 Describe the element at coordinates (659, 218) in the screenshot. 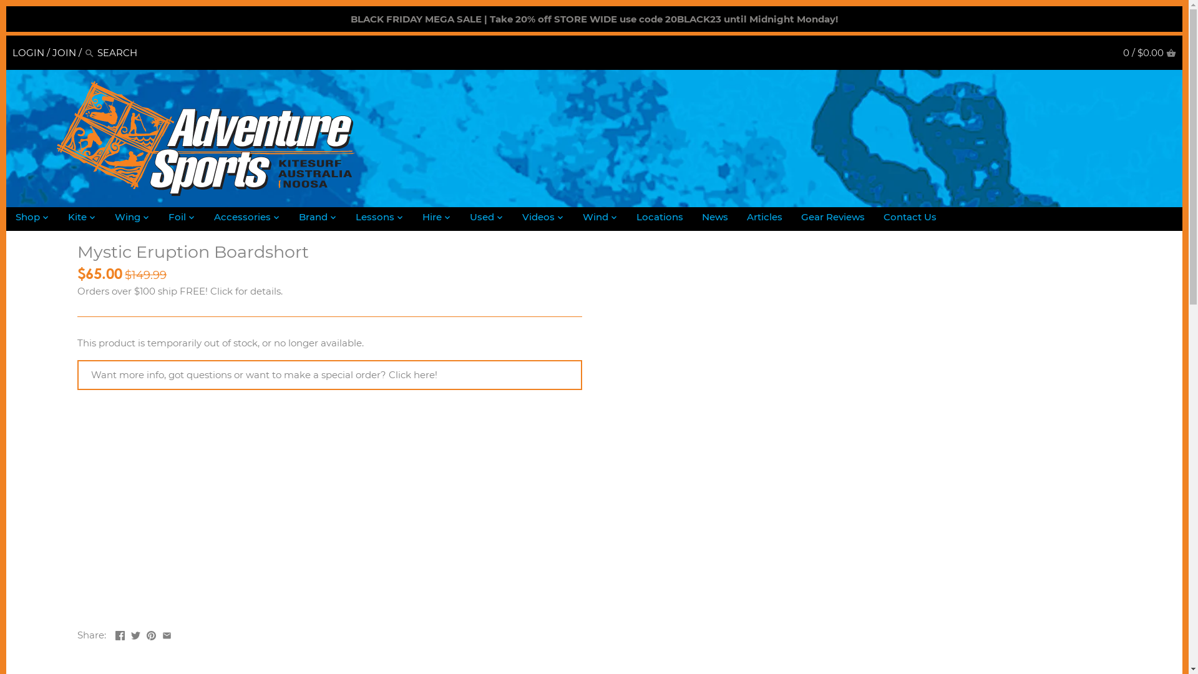

I see `'Locations'` at that location.